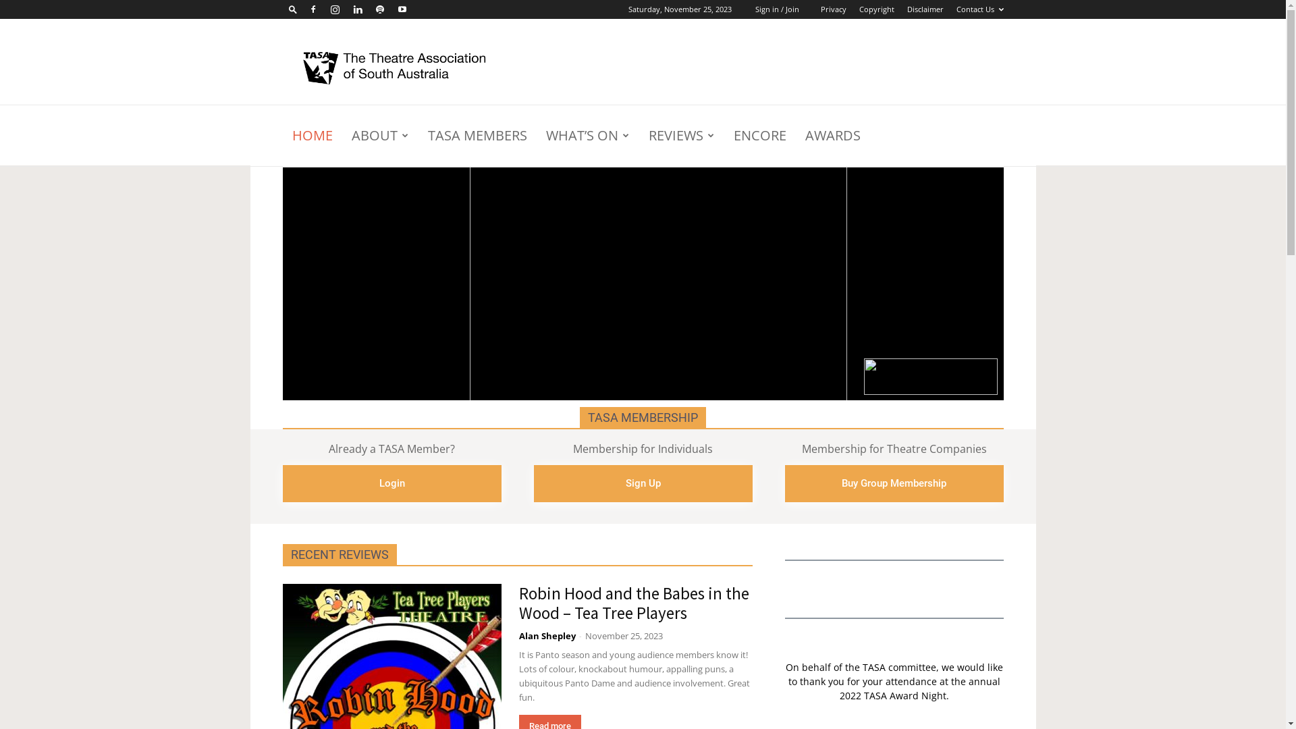 This screenshot has height=729, width=1296. What do you see at coordinates (925, 9) in the screenshot?
I see `'Disclaimer'` at bounding box center [925, 9].